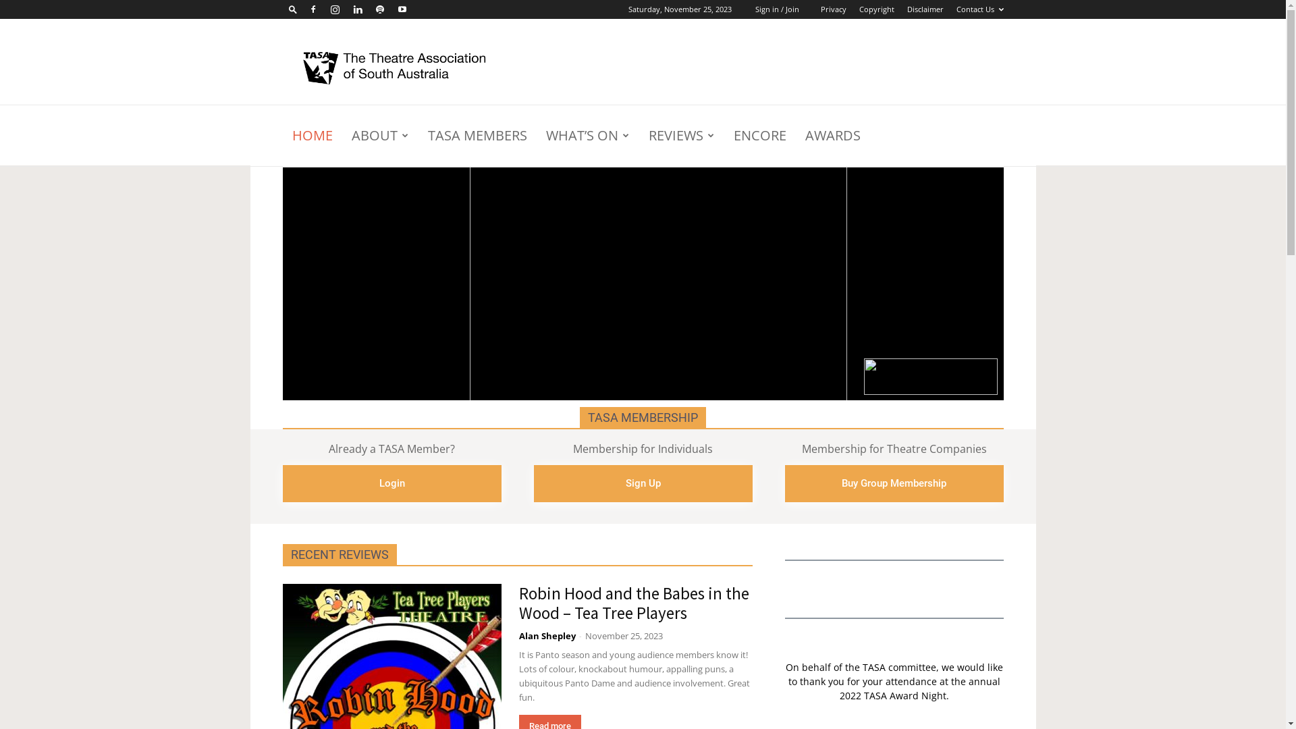 This screenshot has height=729, width=1296. What do you see at coordinates (925, 9) in the screenshot?
I see `'Disclaimer'` at bounding box center [925, 9].